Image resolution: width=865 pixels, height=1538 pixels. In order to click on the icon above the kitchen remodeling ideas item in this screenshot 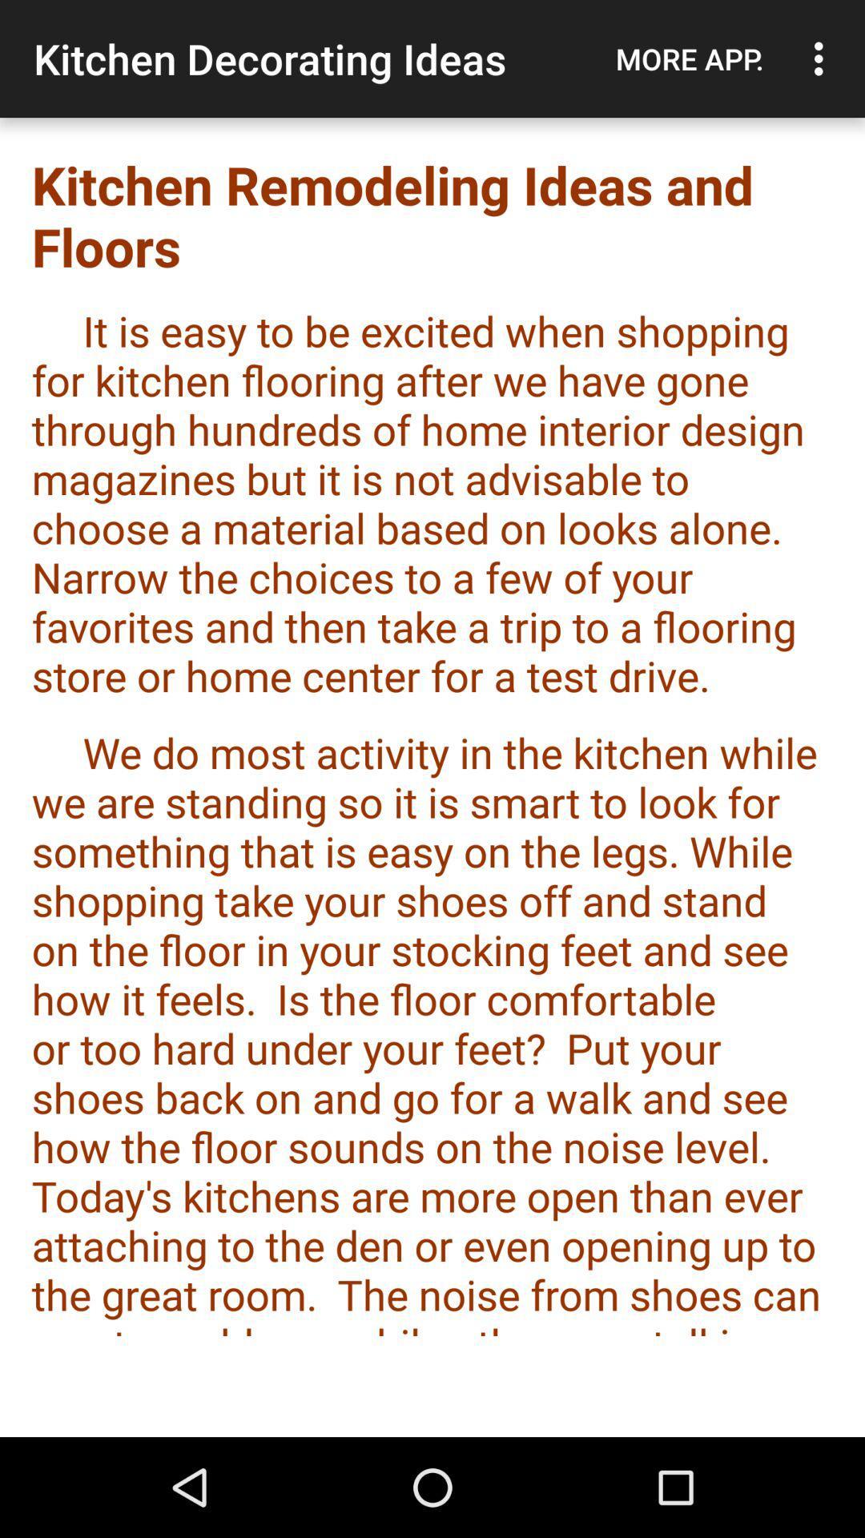, I will do `click(823, 58)`.